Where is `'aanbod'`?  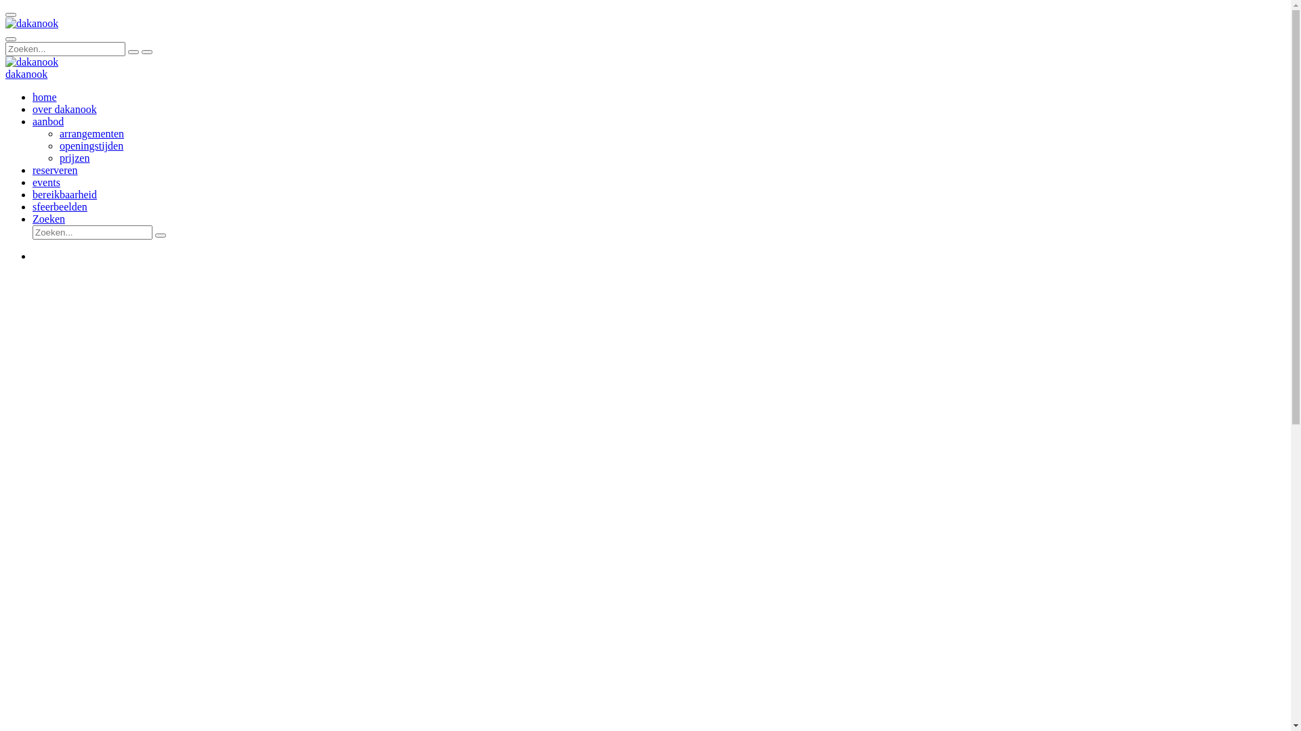
'aanbod' is located at coordinates (48, 120).